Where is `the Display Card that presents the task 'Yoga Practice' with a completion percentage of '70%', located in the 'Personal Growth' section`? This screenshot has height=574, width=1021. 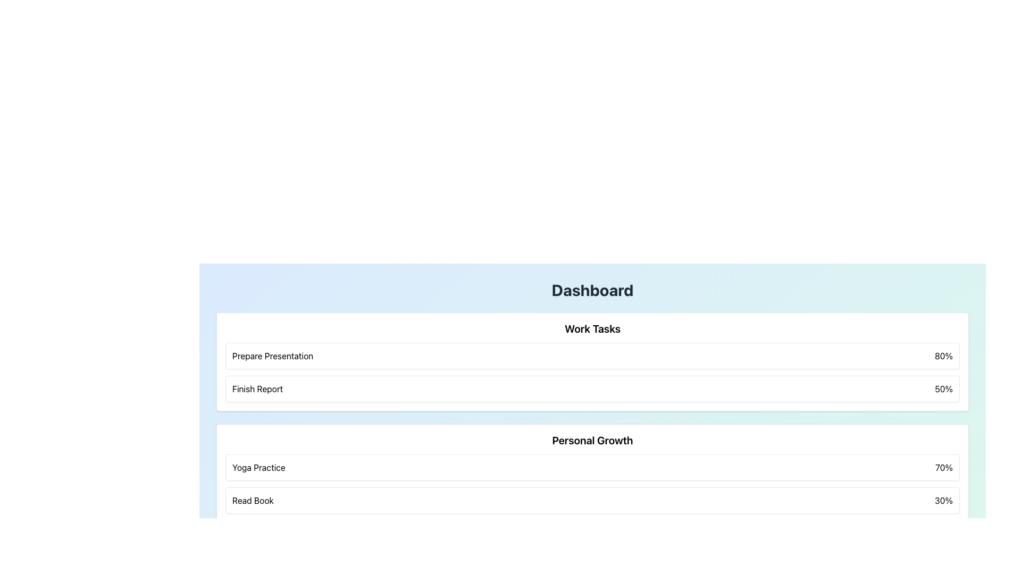
the Display Card that presents the task 'Yoga Practice' with a completion percentage of '70%', located in the 'Personal Growth' section is located at coordinates (592, 467).